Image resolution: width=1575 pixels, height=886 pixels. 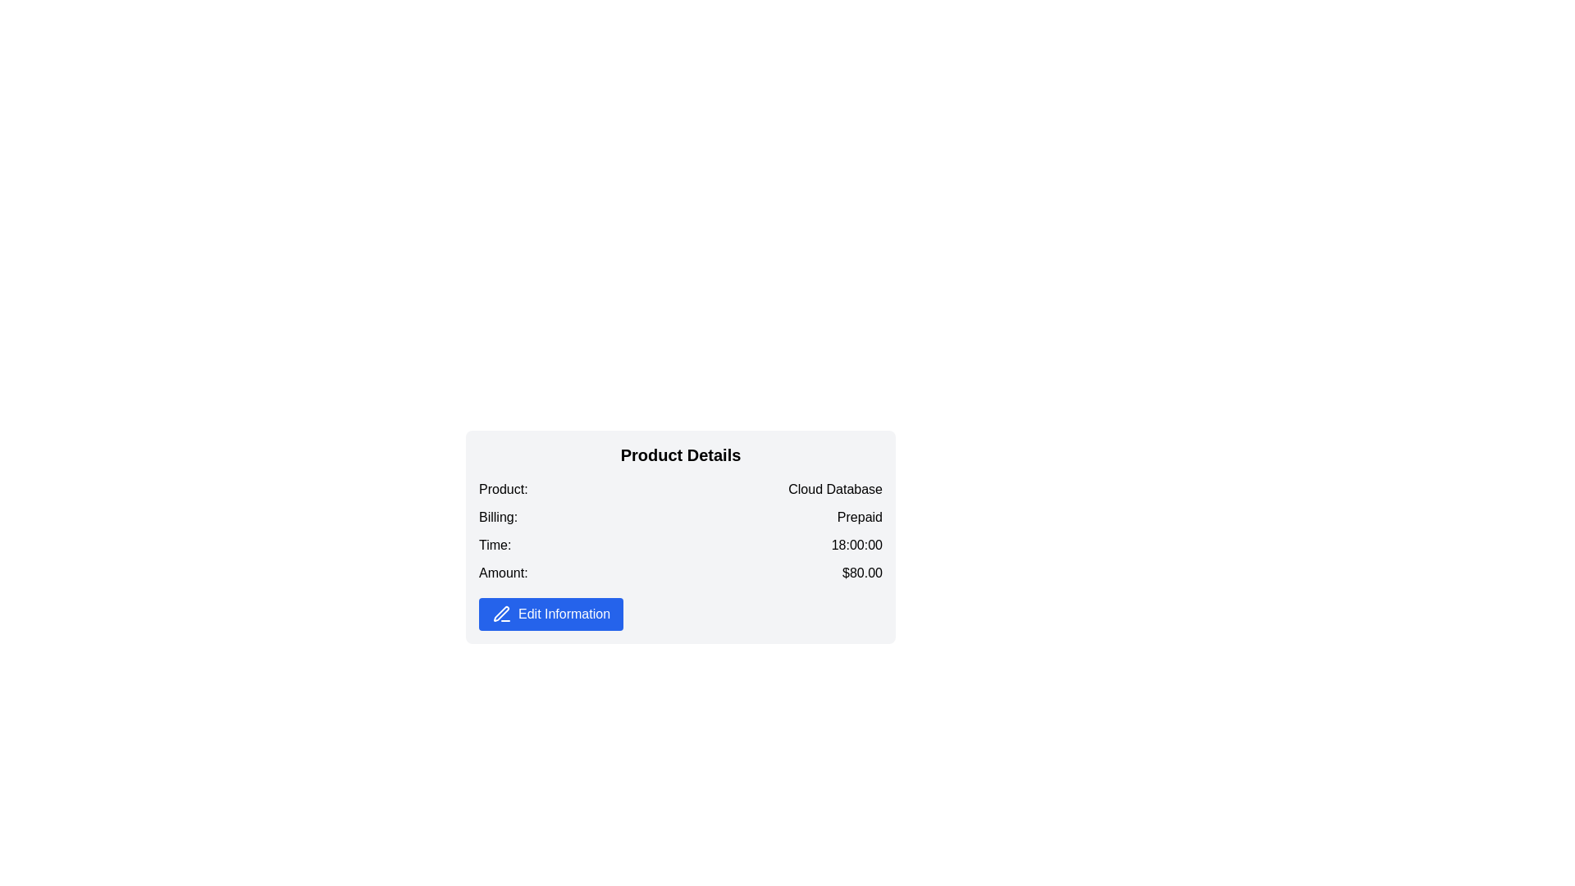 I want to click on the text display showing the amount '$80.00', which is located on the right side of the row labeled 'Amount:', so click(x=861, y=573).